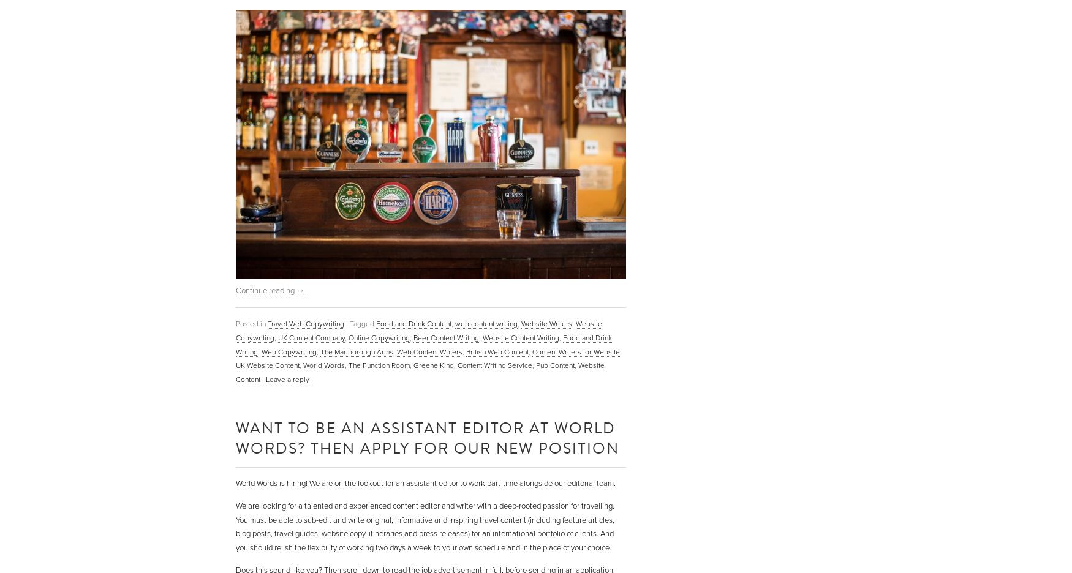  Describe the element at coordinates (266, 365) in the screenshot. I see `'UK Website Content'` at that location.